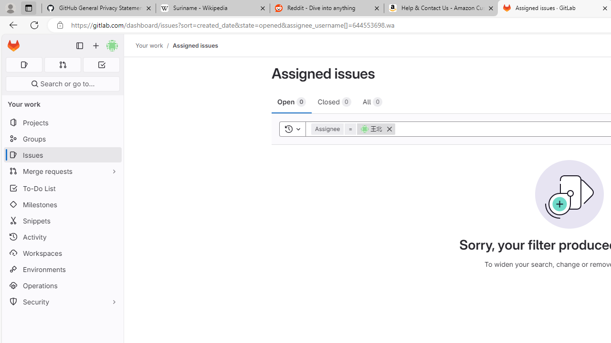 The height and width of the screenshot is (343, 611). I want to click on 'Groups', so click(62, 139).